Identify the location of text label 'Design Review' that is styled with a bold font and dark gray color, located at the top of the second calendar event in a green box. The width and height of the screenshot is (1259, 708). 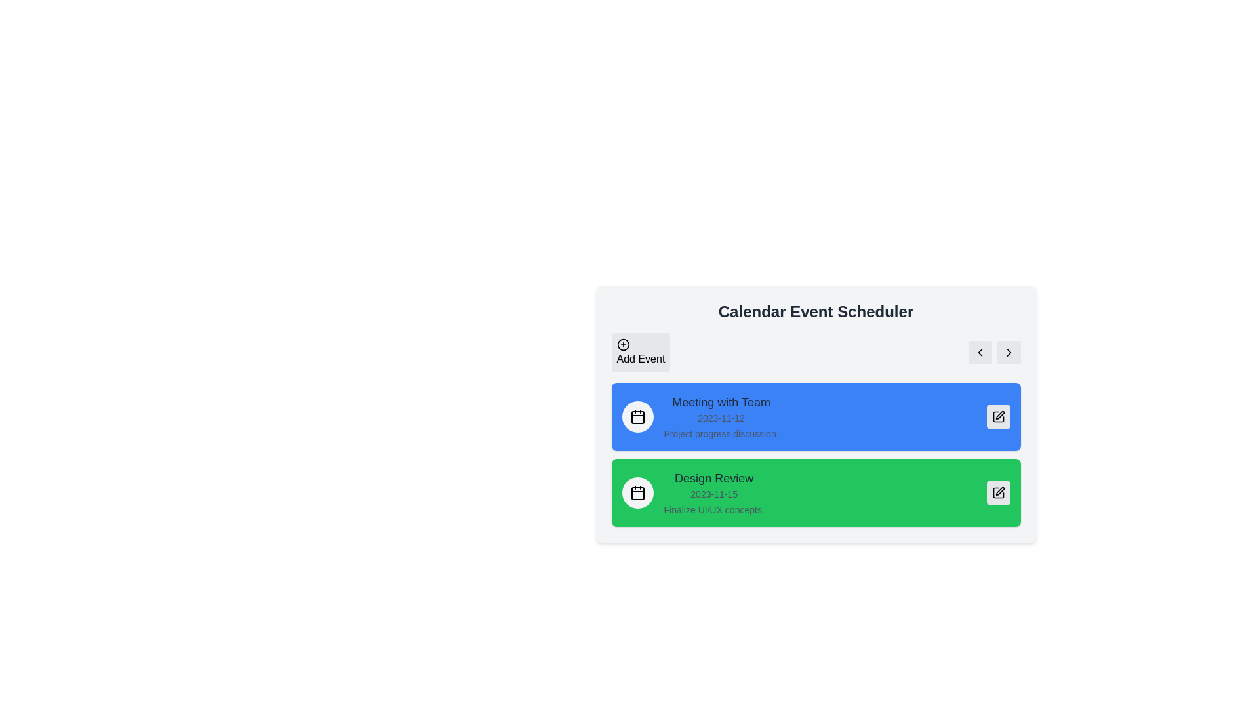
(713, 478).